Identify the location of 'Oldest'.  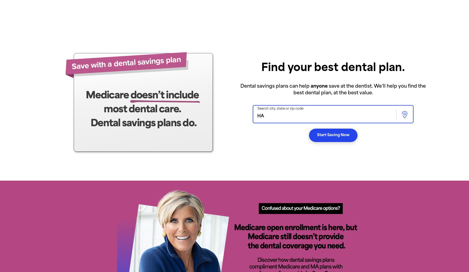
(337, 35).